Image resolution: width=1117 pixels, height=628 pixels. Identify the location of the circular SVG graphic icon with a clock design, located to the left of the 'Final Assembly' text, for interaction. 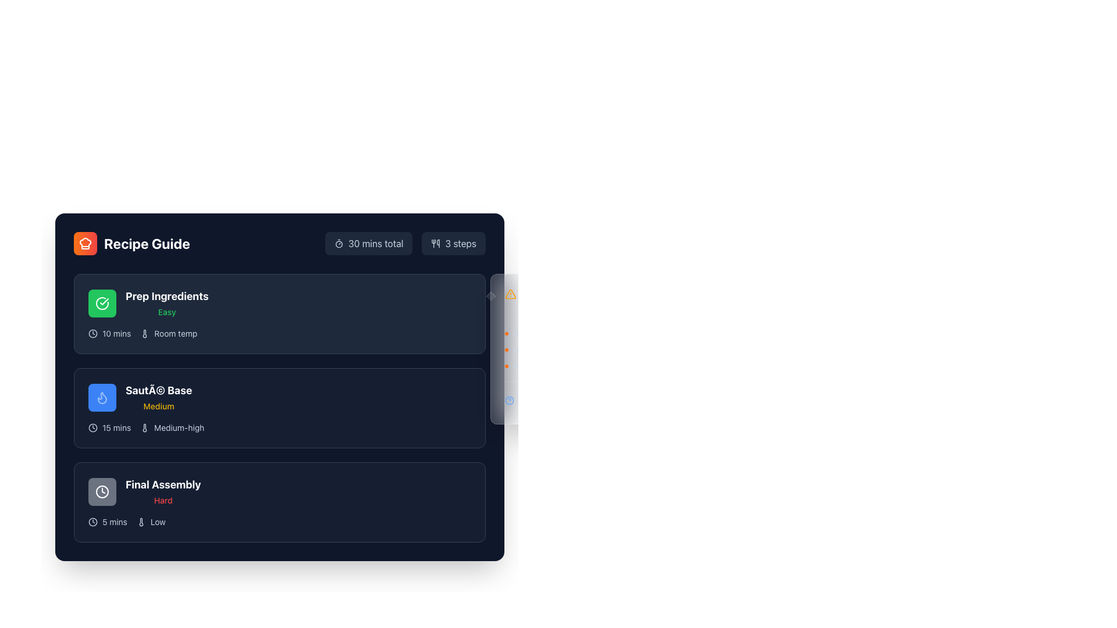
(102, 491).